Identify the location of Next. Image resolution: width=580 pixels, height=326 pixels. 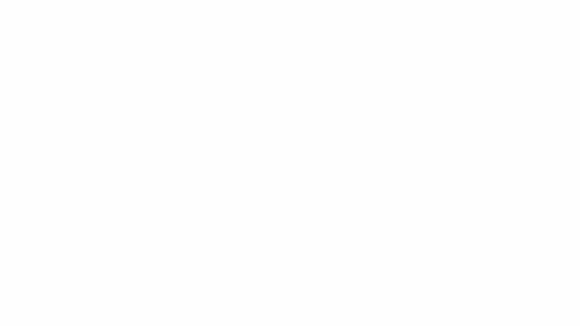
(569, 163).